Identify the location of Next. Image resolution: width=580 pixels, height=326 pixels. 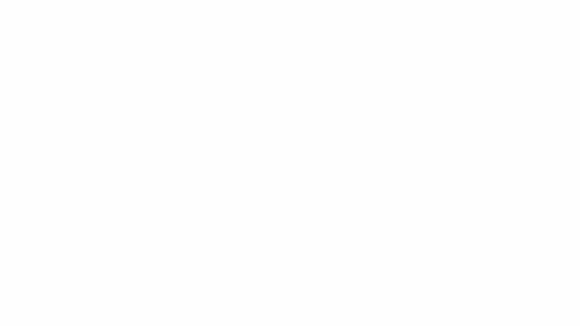
(569, 163).